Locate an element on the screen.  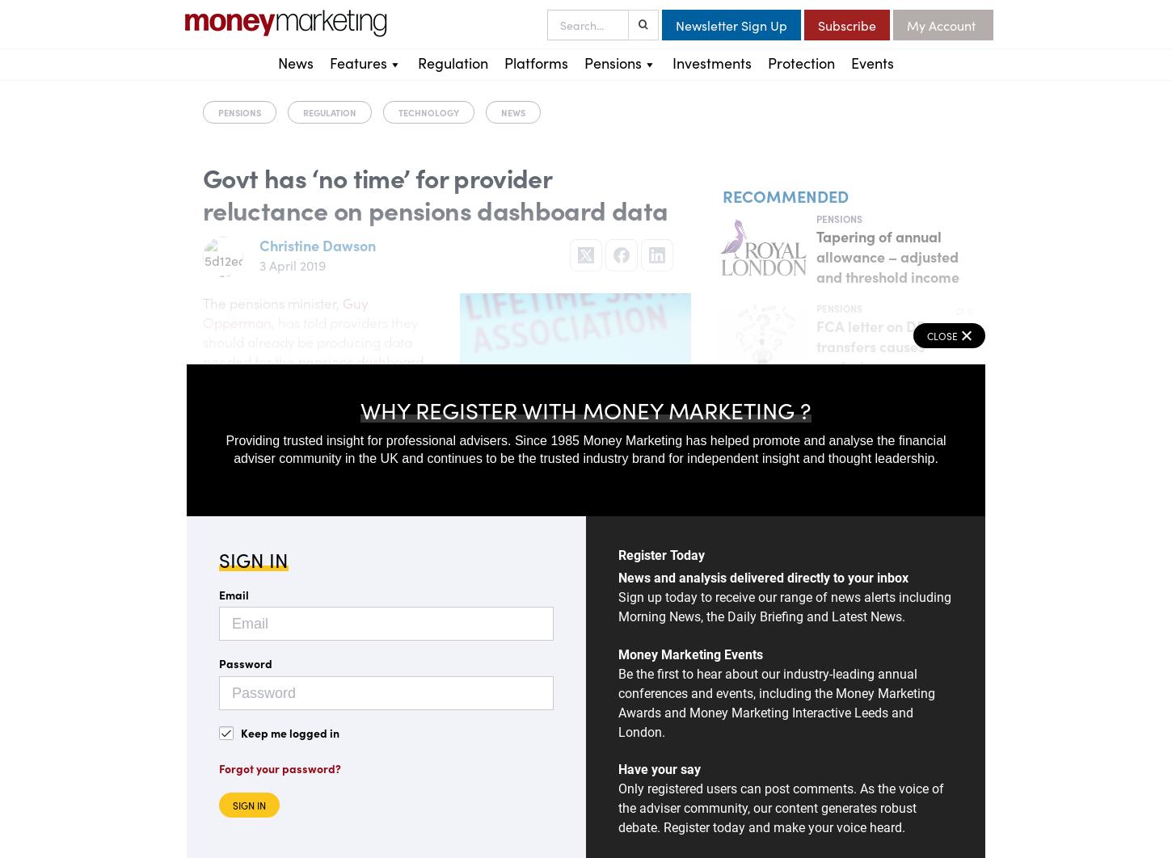
') said the government response to a dashboard feasibility consultation would be published in ‘days or weeks’.' is located at coordinates (357, 493).